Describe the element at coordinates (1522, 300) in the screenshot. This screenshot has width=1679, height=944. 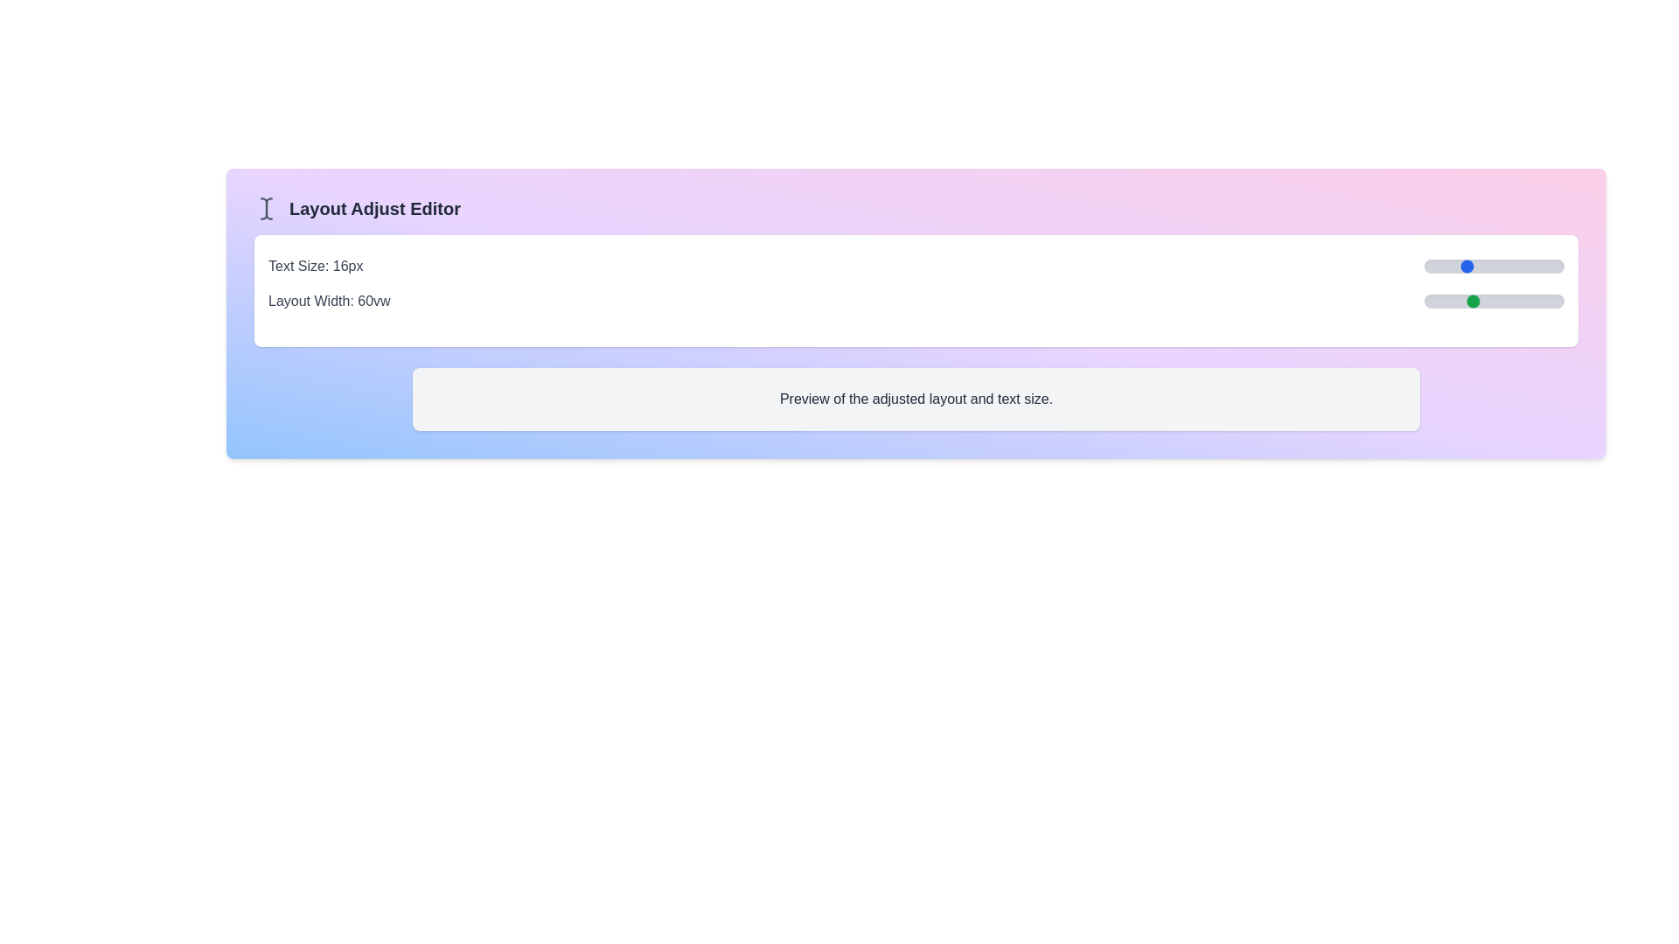
I see `the layout width` at that location.